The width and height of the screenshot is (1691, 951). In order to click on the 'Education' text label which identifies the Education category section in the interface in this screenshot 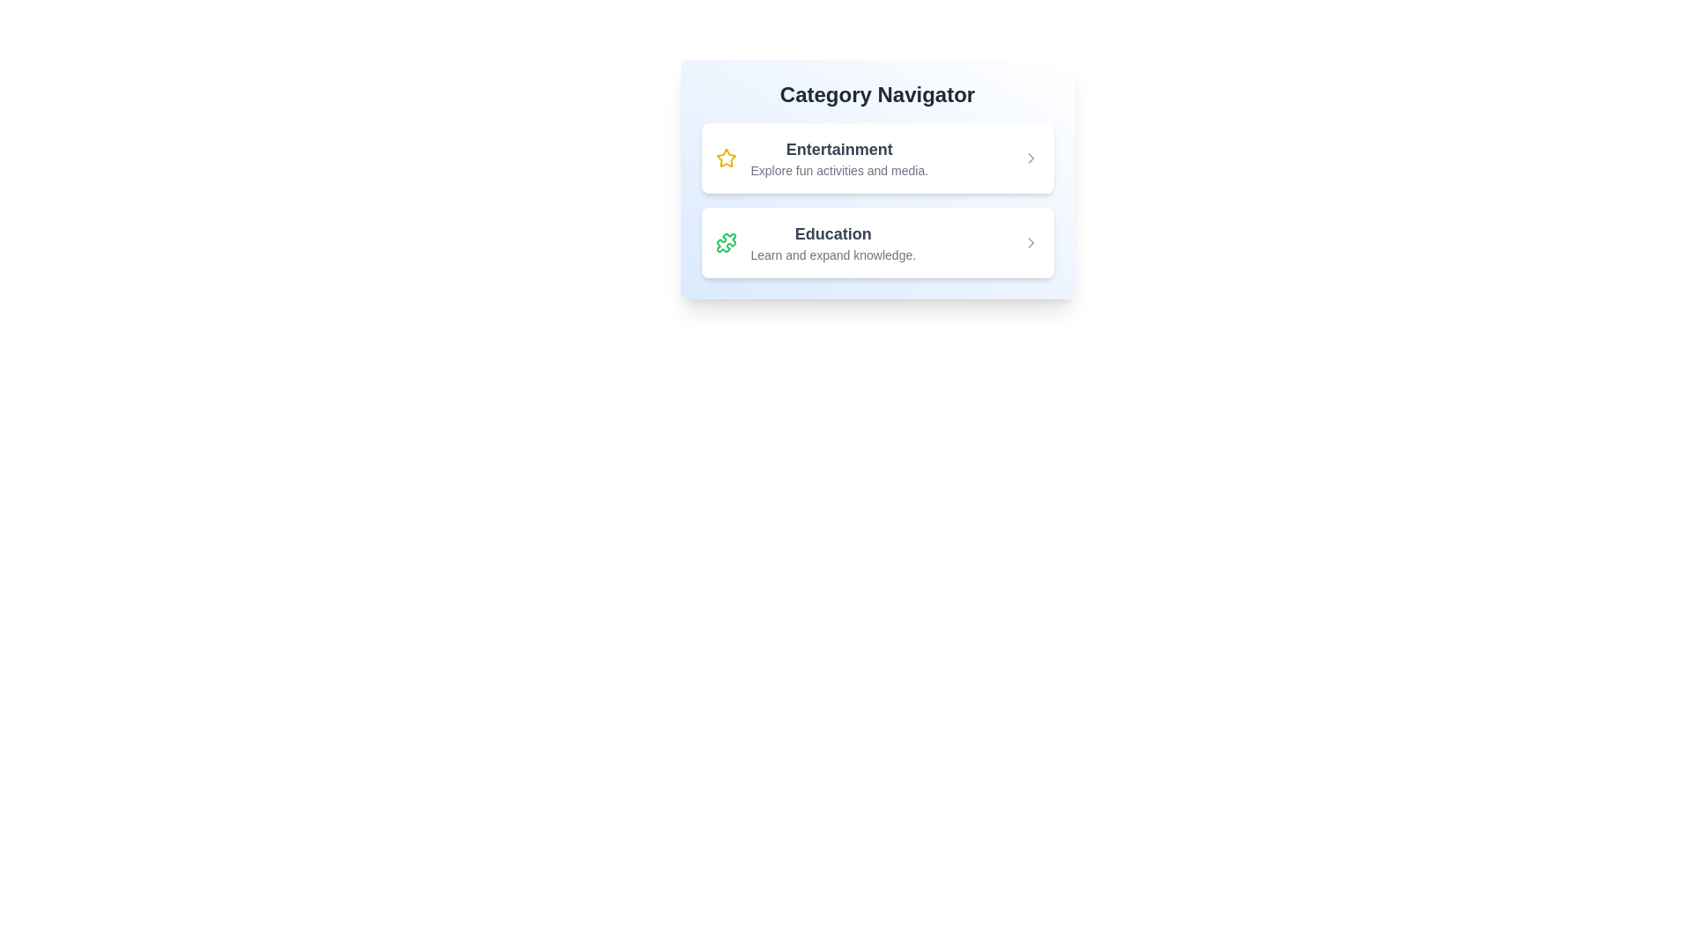, I will do `click(832, 233)`.